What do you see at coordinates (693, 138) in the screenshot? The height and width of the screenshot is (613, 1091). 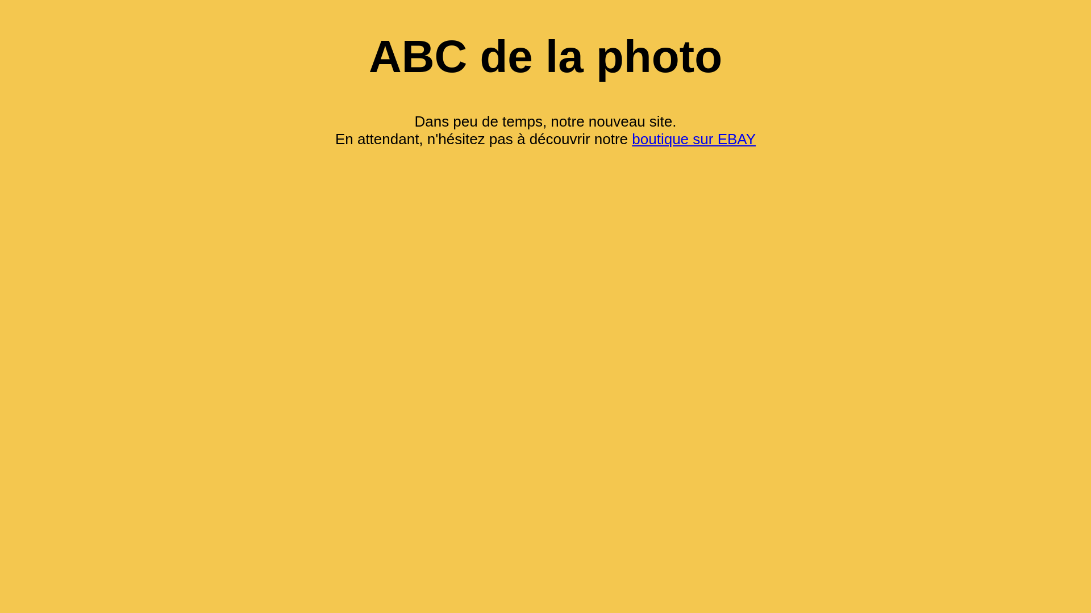 I see `'boutique sur EBAY'` at bounding box center [693, 138].